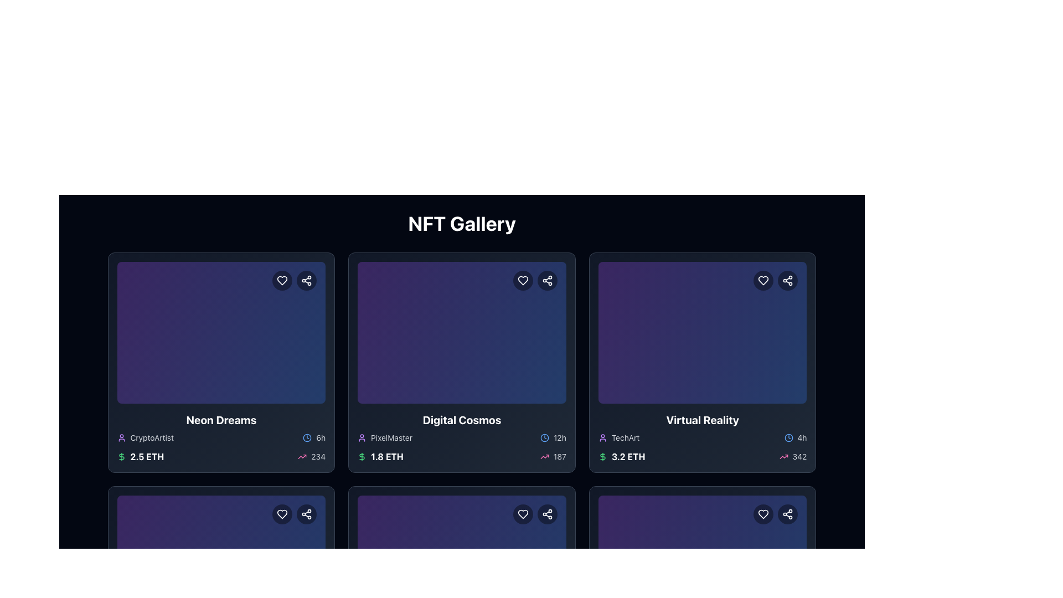 This screenshot has width=1063, height=598. Describe the element at coordinates (547, 280) in the screenshot. I see `the share icon located in the upper-right corner of the 'Digital Cosmos' card` at that location.